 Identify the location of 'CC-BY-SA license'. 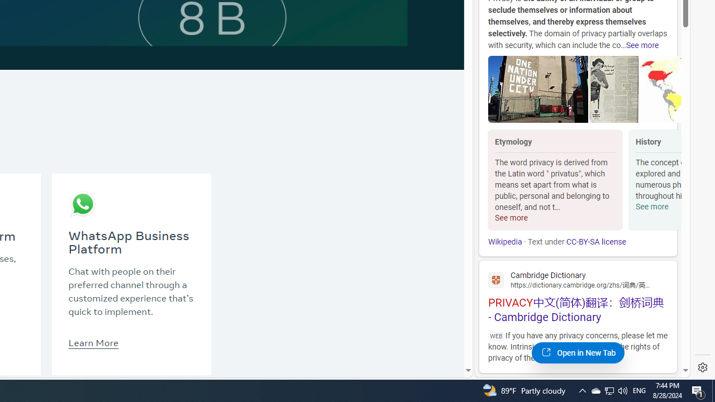
(595, 241).